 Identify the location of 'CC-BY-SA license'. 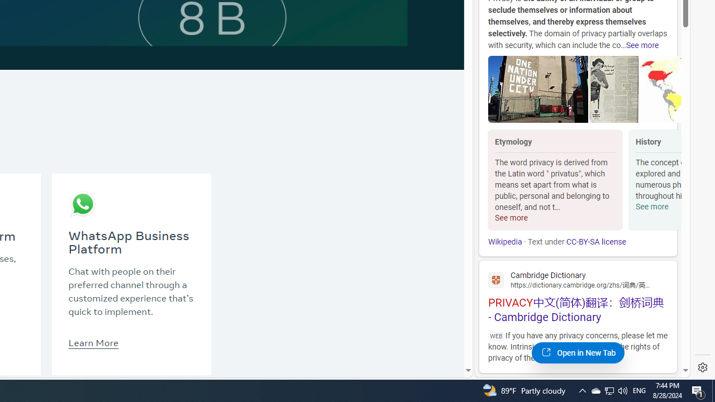
(595, 241).